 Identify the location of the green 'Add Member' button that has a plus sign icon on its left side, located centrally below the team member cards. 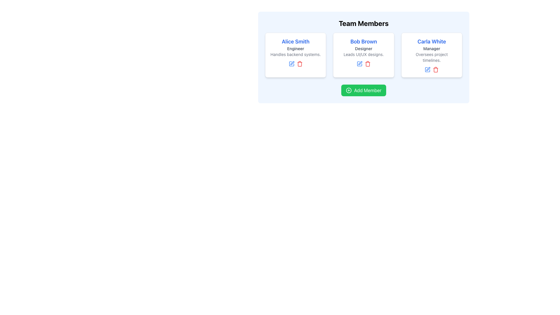
(363, 90).